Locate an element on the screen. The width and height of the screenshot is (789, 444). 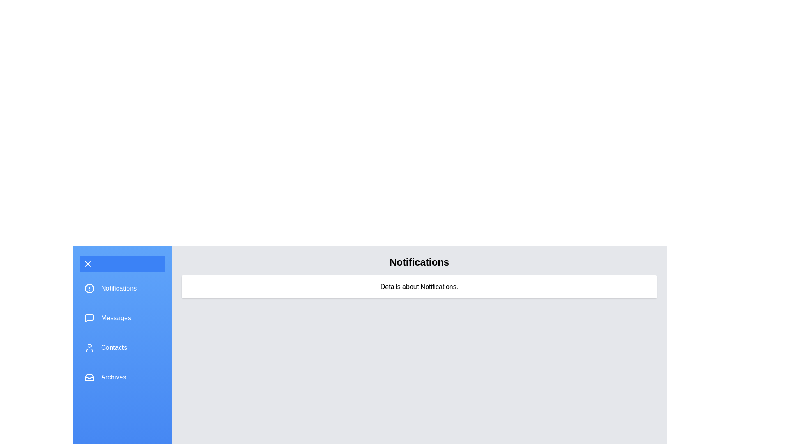
the menu section Messages is located at coordinates (122, 318).